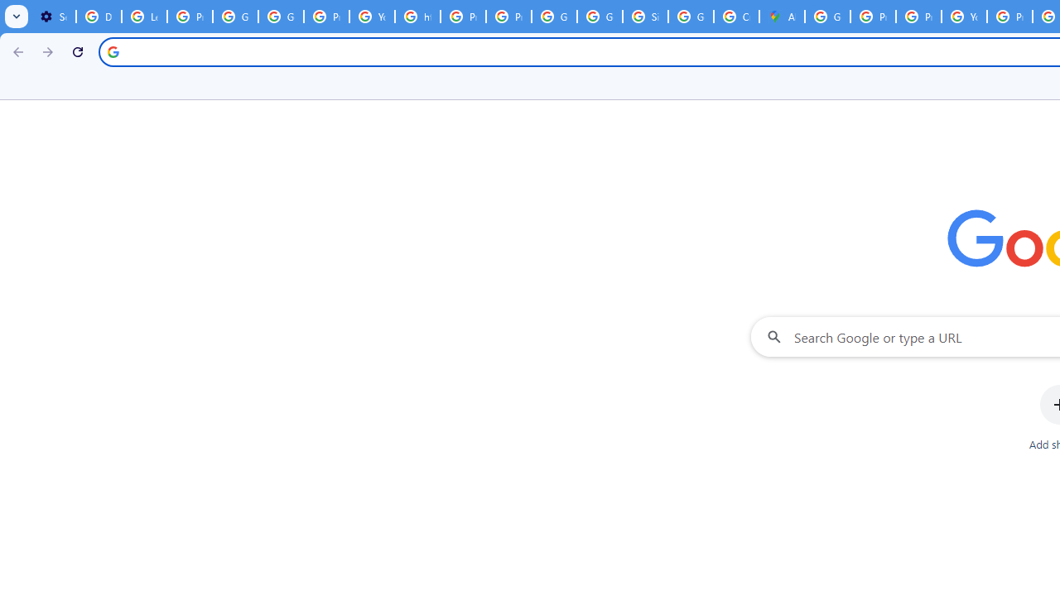 The height and width of the screenshot is (596, 1060). What do you see at coordinates (234, 17) in the screenshot?
I see `'Google Account Help'` at bounding box center [234, 17].